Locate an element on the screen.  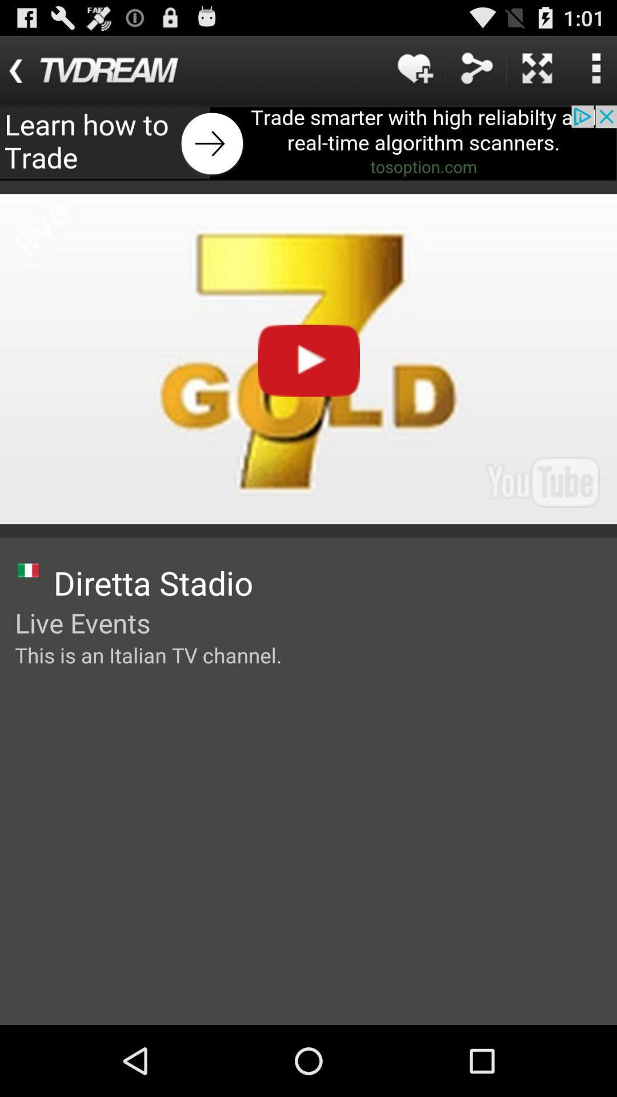
share option is located at coordinates (476, 67).